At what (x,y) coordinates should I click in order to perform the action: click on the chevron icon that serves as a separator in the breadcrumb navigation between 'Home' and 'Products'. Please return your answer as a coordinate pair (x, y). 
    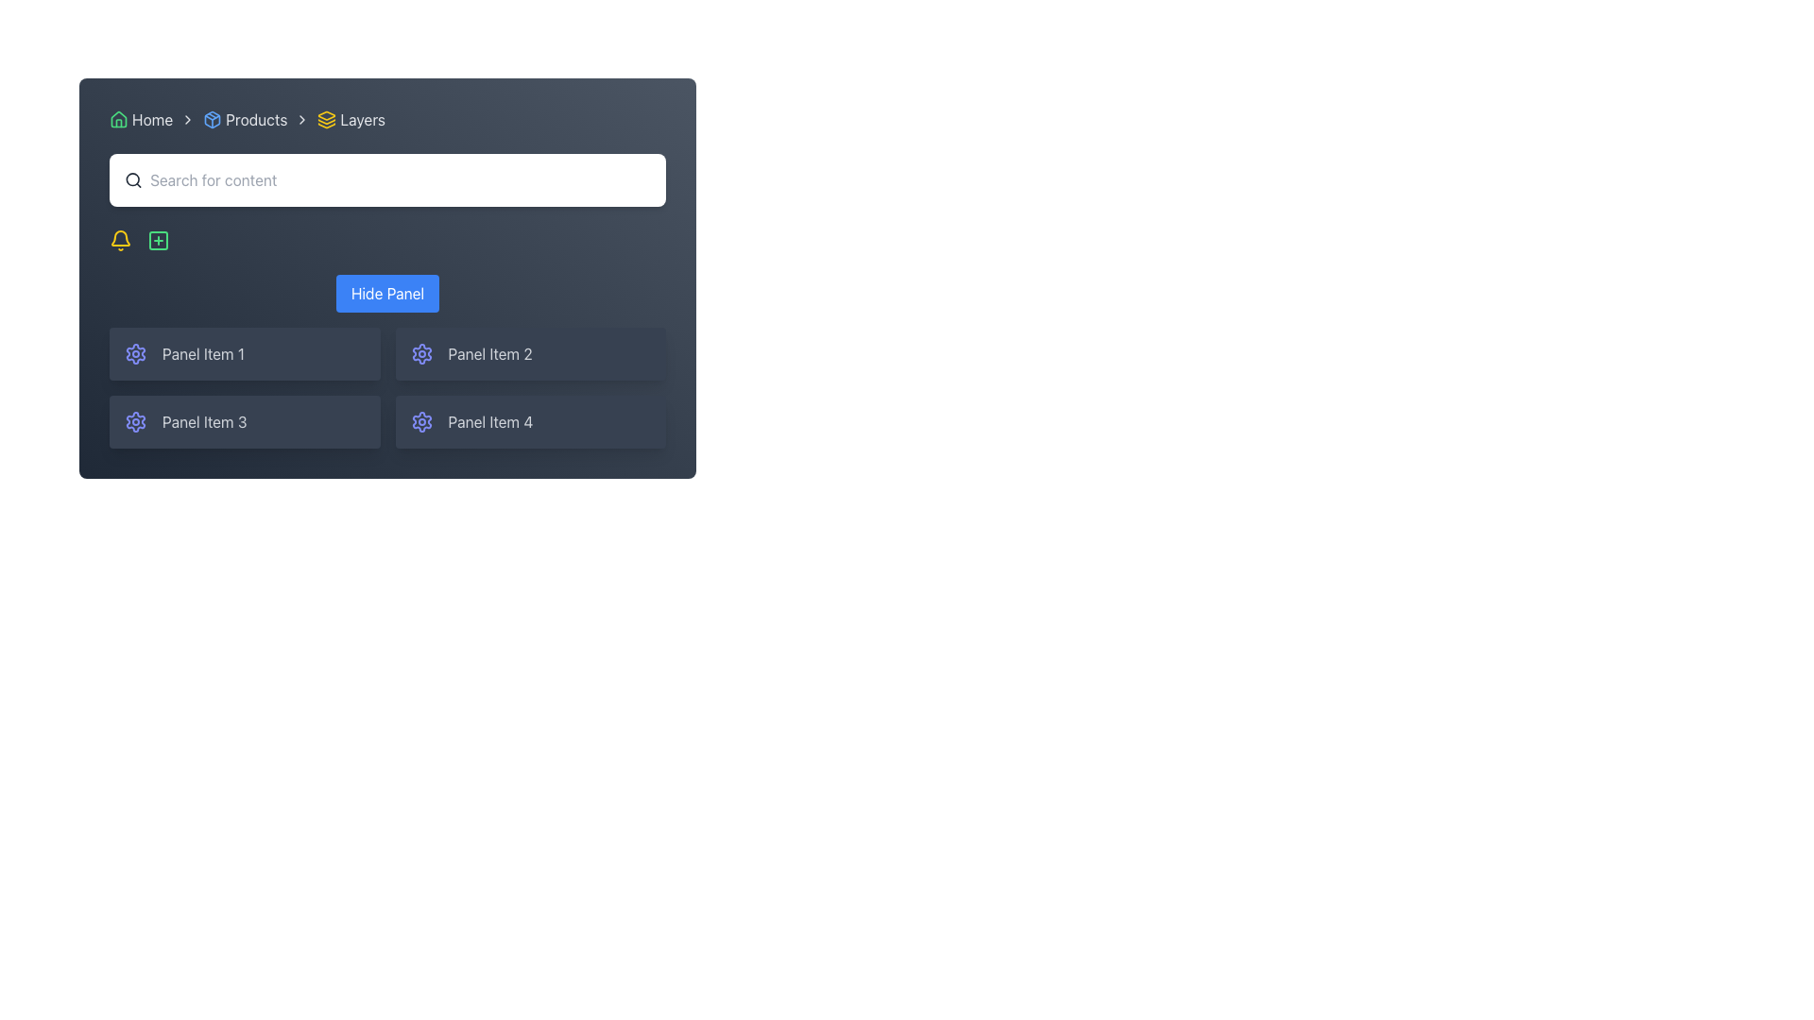
    Looking at the image, I should click on (188, 120).